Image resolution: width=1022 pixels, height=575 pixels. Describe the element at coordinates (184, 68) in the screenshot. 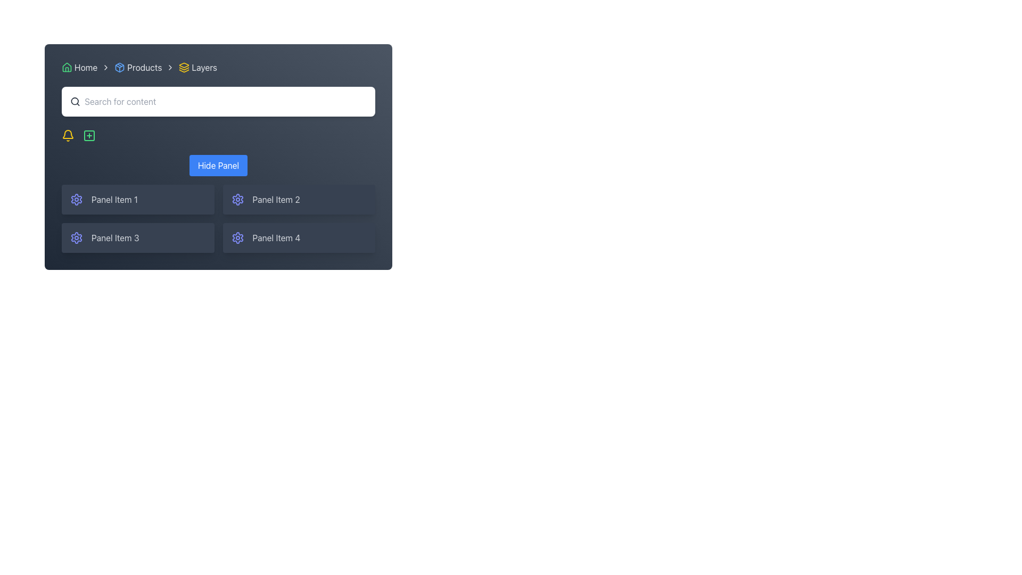

I see `the yellow outlined icon in the breadcrumb navigation that is associated with the text 'Layers'` at that location.